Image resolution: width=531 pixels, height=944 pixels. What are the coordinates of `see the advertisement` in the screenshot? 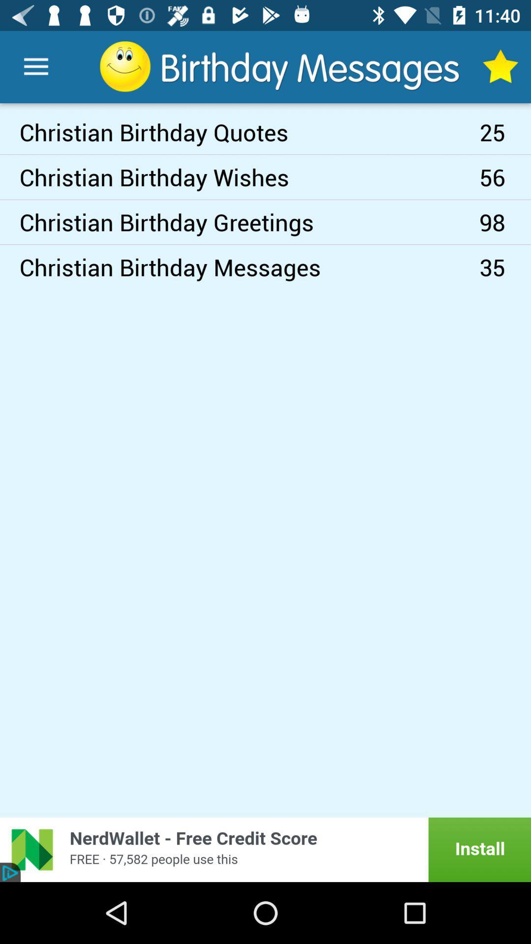 It's located at (265, 849).